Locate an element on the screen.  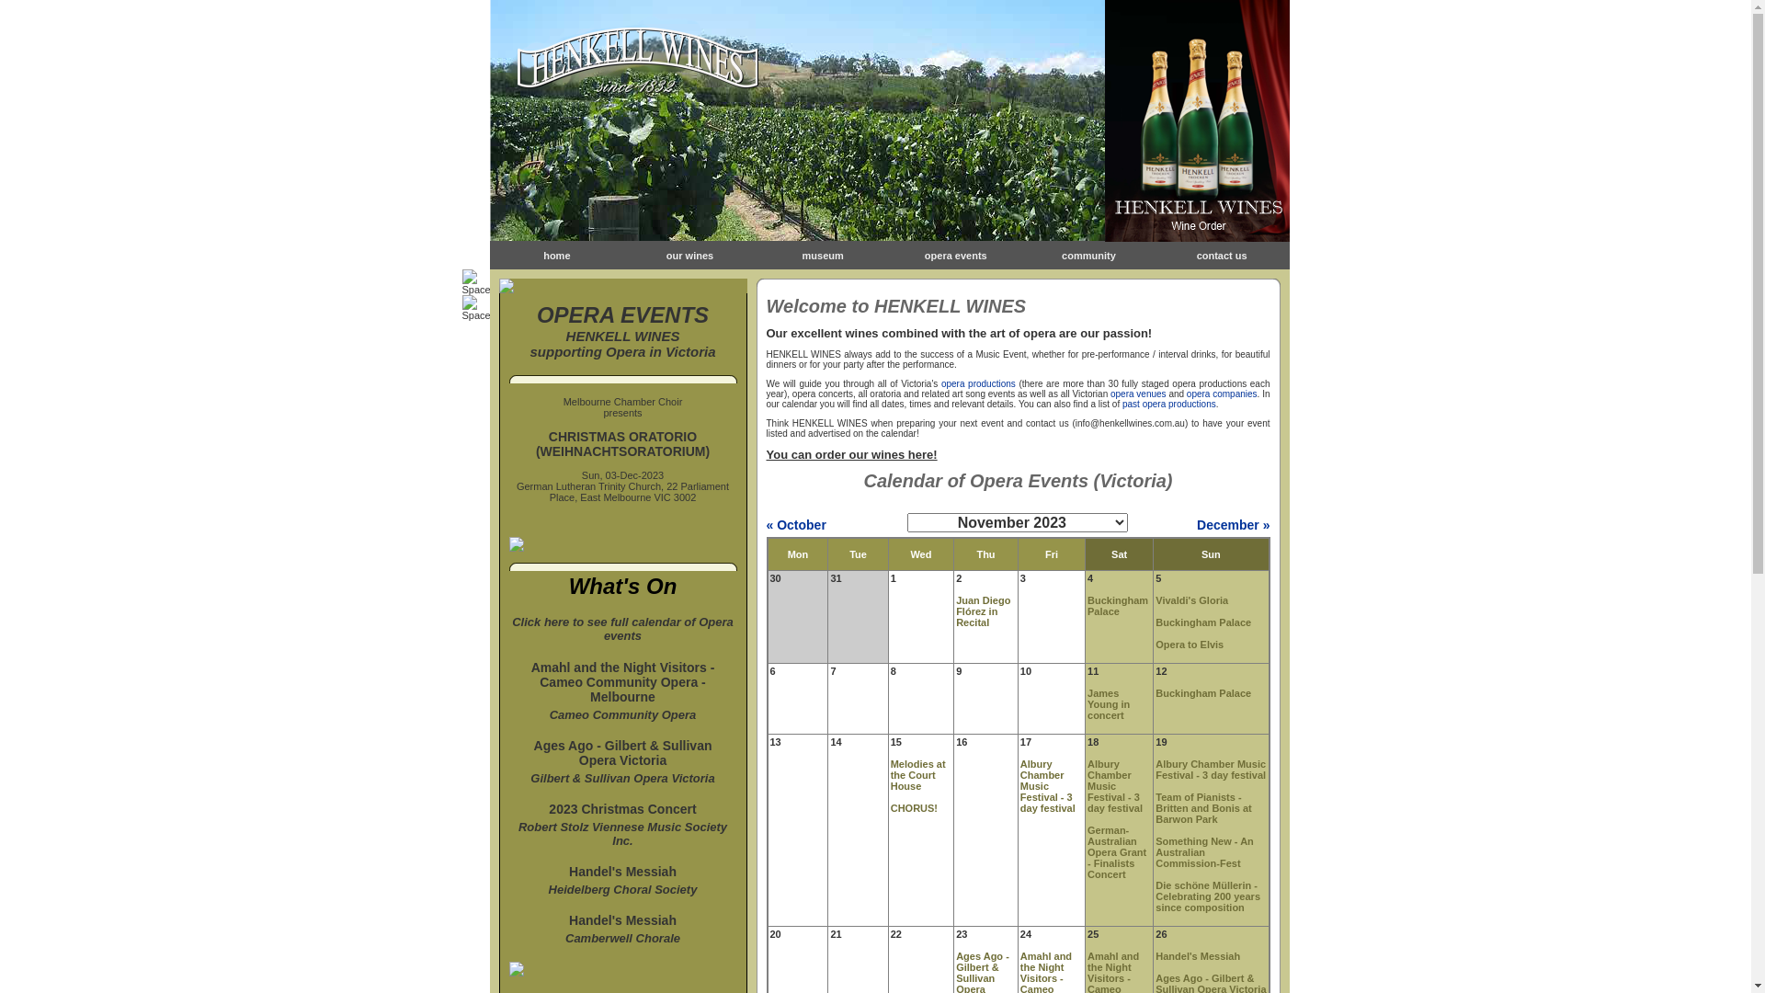
'museum' is located at coordinates (822, 255).